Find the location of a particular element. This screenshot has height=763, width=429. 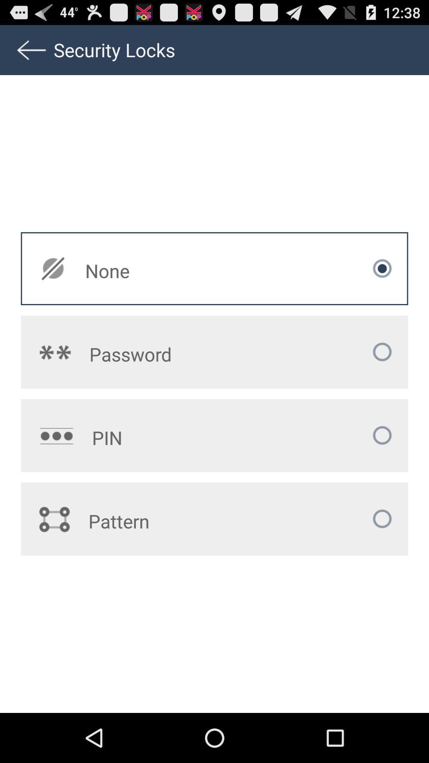

none item is located at coordinates (163, 271).